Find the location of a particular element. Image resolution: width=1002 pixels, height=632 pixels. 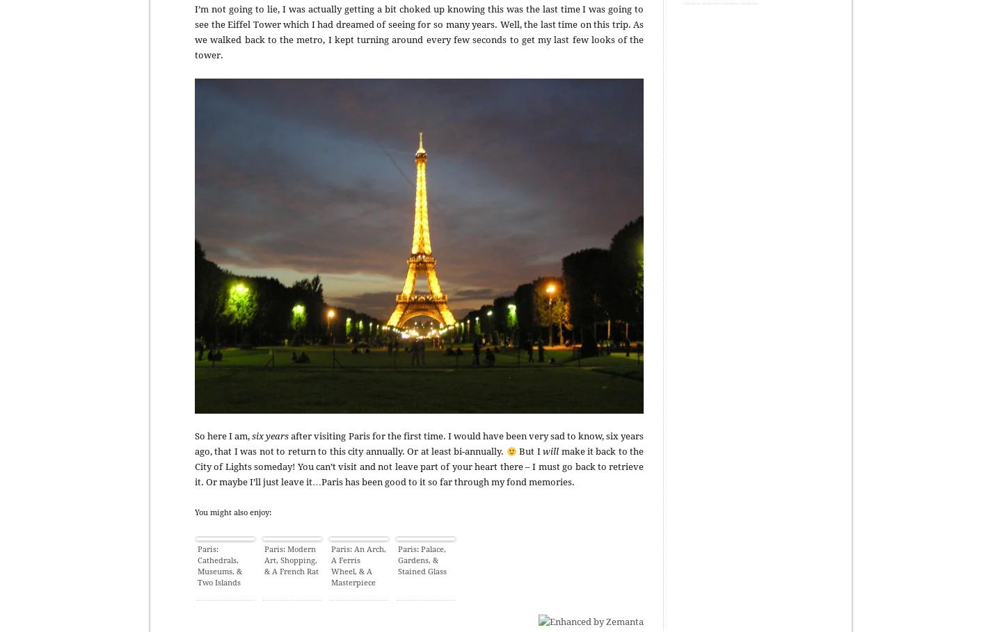

'six years' is located at coordinates (269, 436).